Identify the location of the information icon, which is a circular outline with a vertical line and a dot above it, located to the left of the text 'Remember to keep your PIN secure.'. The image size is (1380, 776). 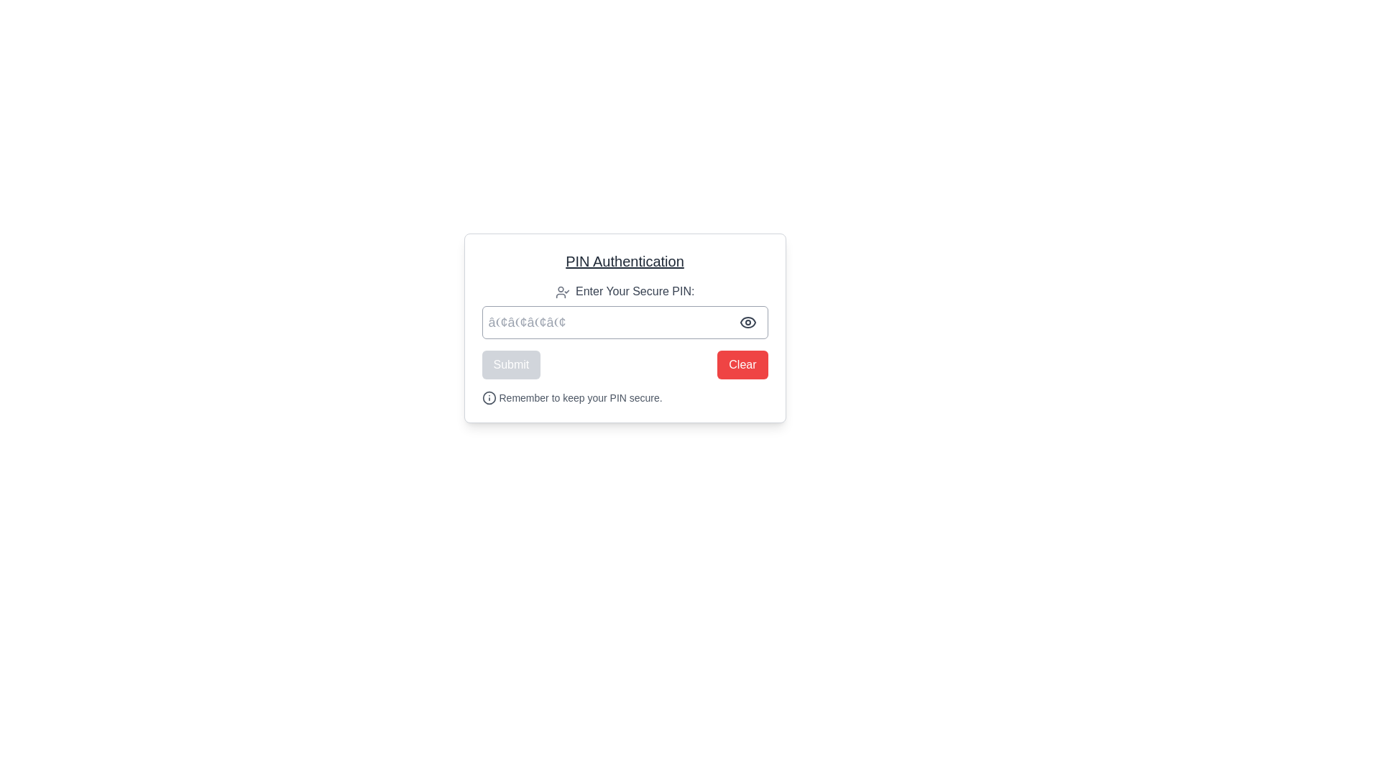
(489, 398).